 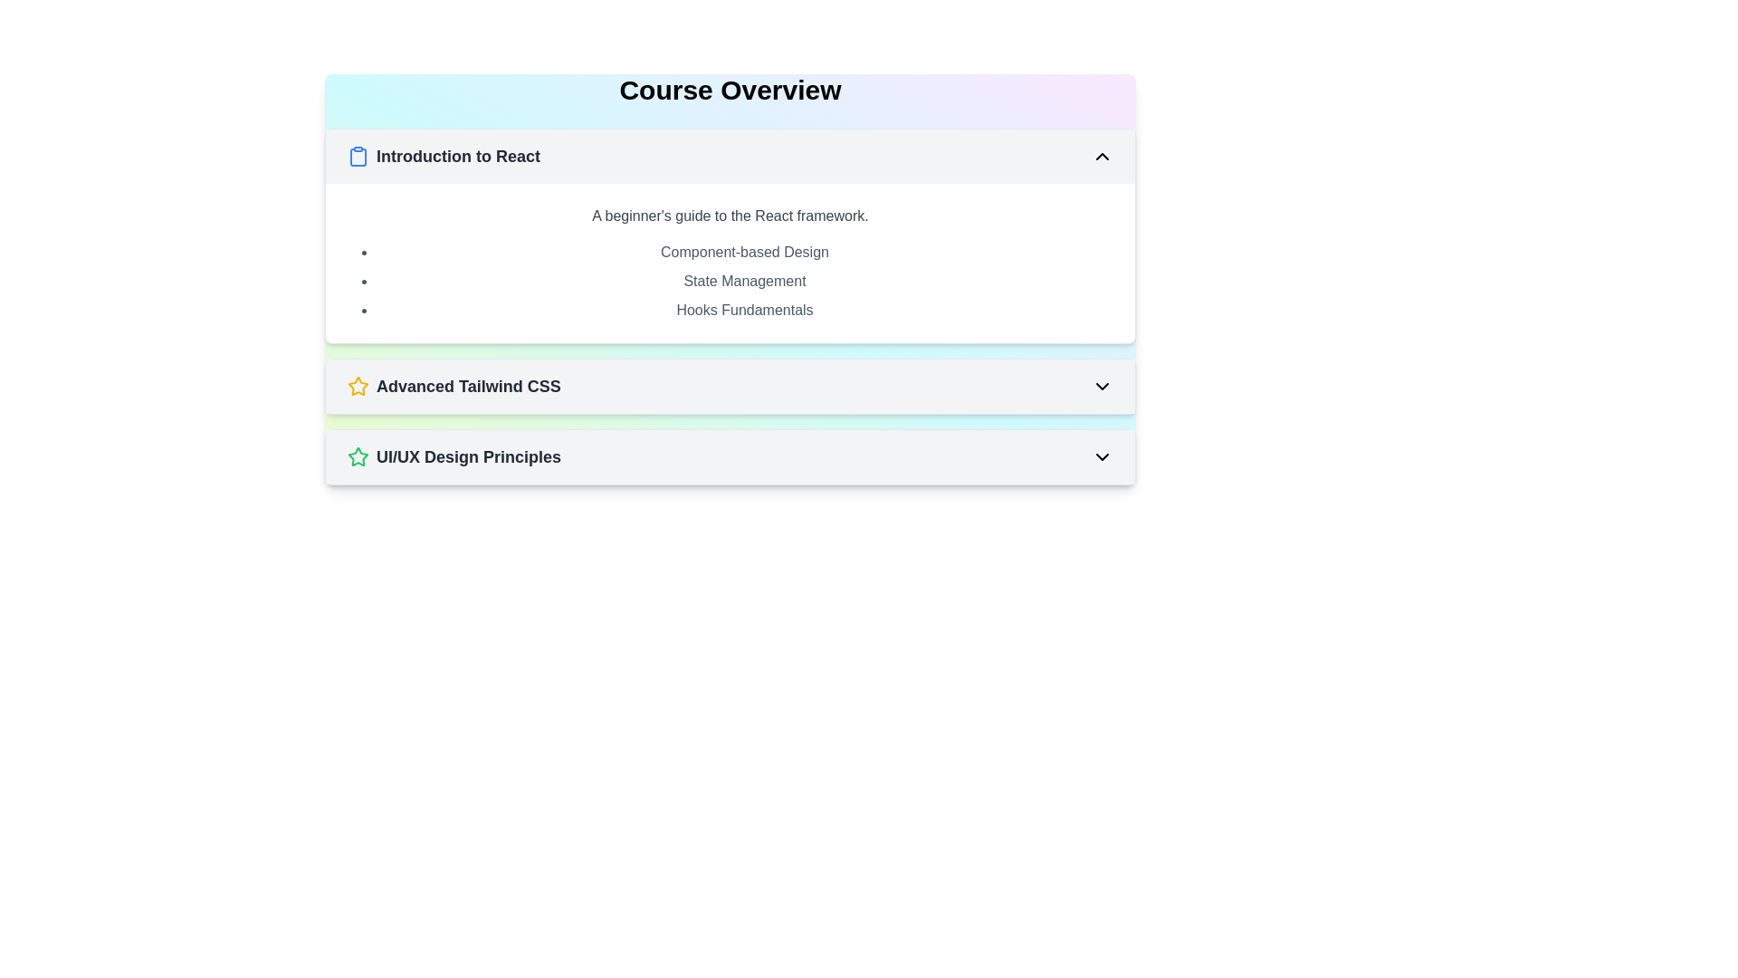 I want to click on the text label representing the 'Introduction to React' section in the course overview, so click(x=744, y=282).